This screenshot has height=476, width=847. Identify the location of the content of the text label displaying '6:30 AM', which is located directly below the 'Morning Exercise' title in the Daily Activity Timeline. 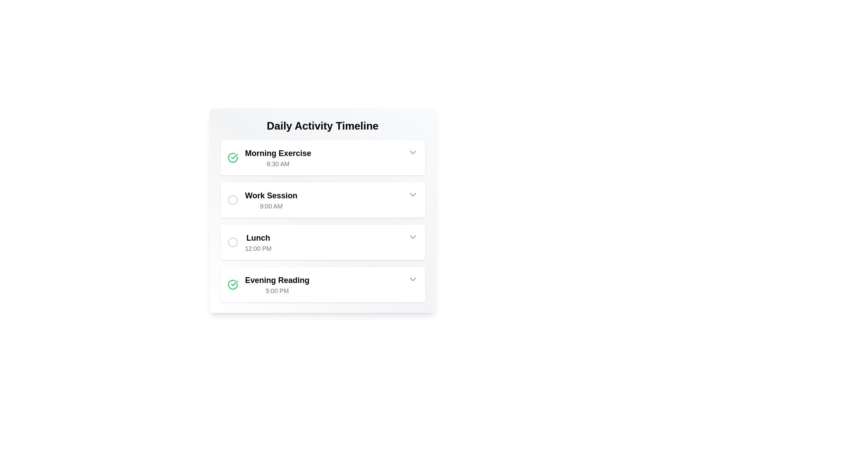
(277, 164).